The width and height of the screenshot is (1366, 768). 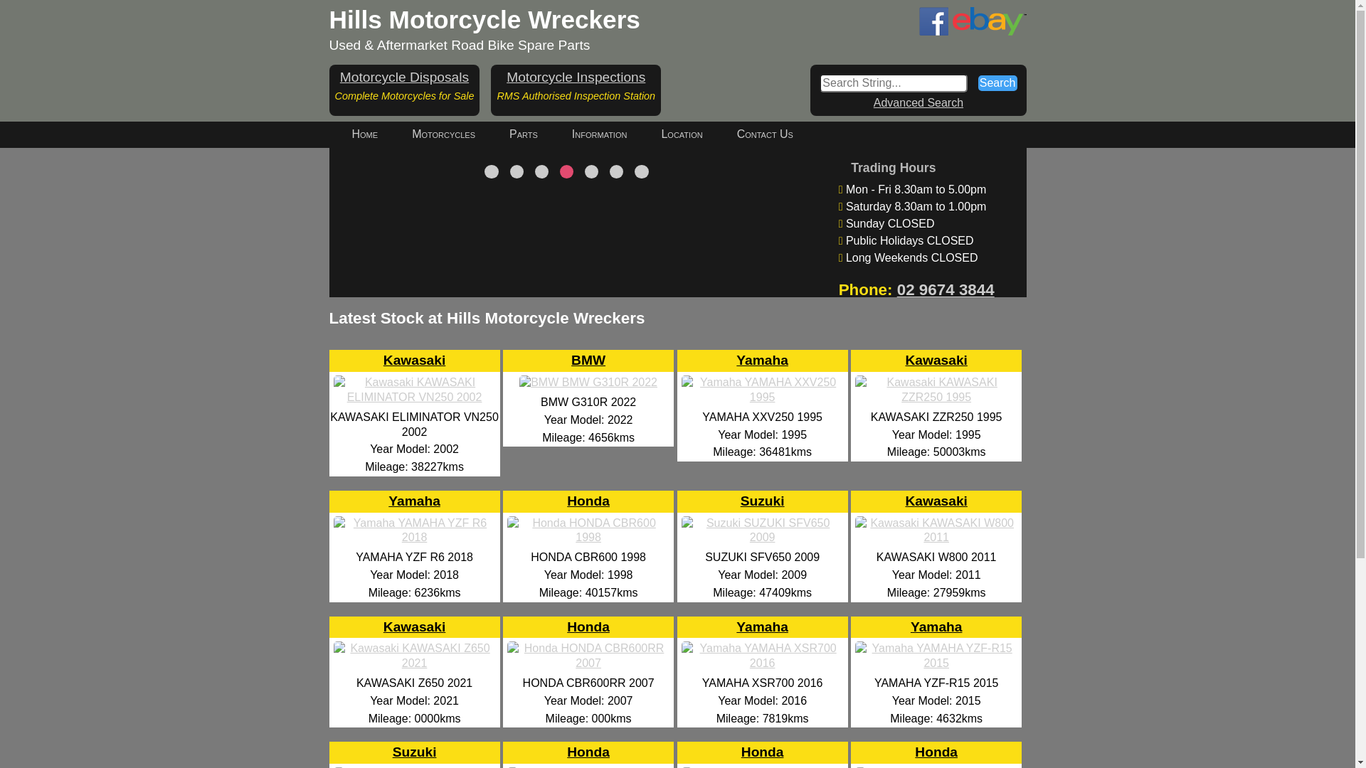 What do you see at coordinates (588, 381) in the screenshot?
I see `'BMW BMW  G310R  2022'` at bounding box center [588, 381].